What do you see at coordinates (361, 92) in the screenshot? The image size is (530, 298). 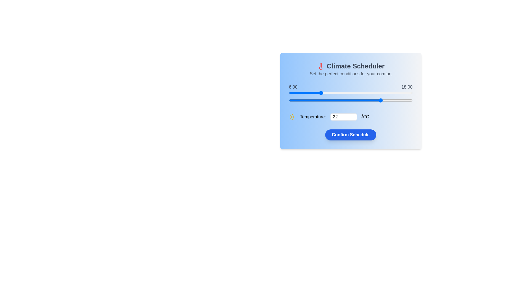 I see `the time on the slider` at bounding box center [361, 92].